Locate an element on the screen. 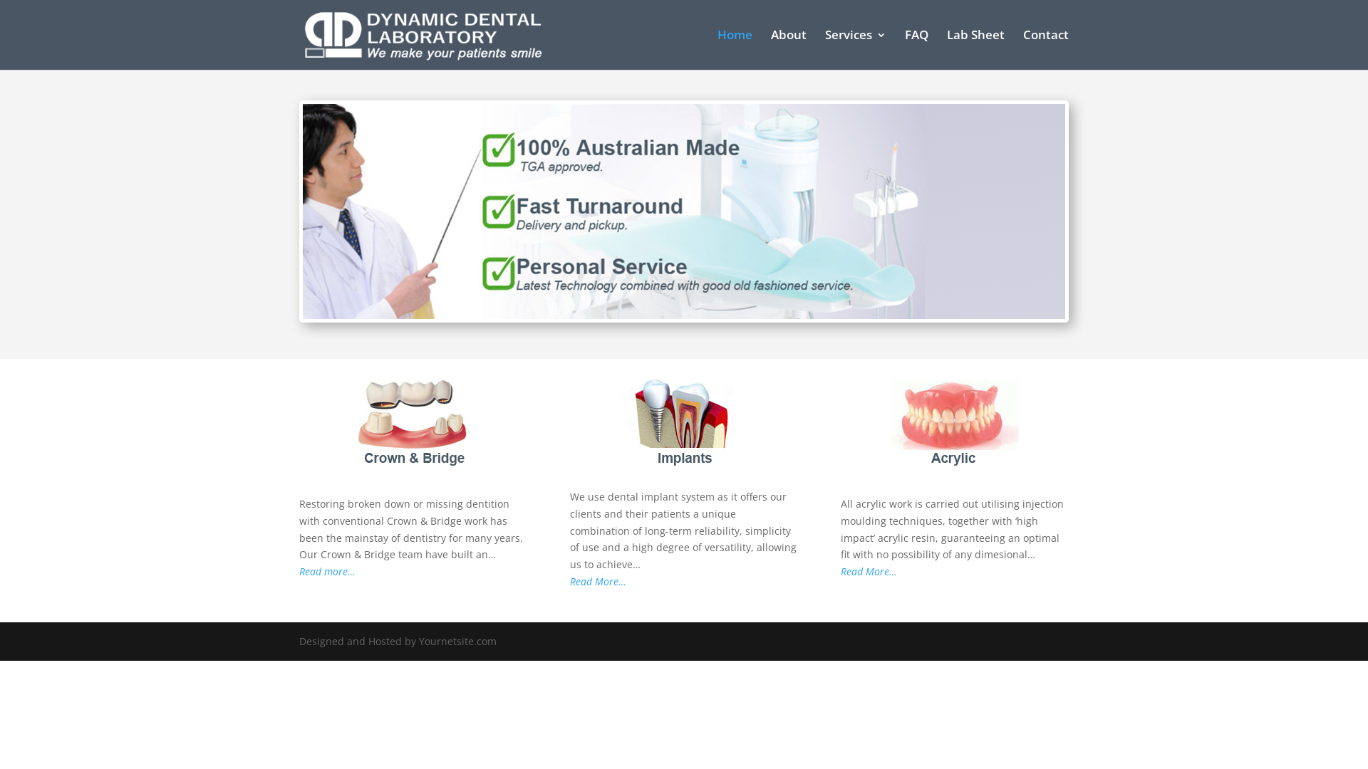  'FAQ' is located at coordinates (904, 48).